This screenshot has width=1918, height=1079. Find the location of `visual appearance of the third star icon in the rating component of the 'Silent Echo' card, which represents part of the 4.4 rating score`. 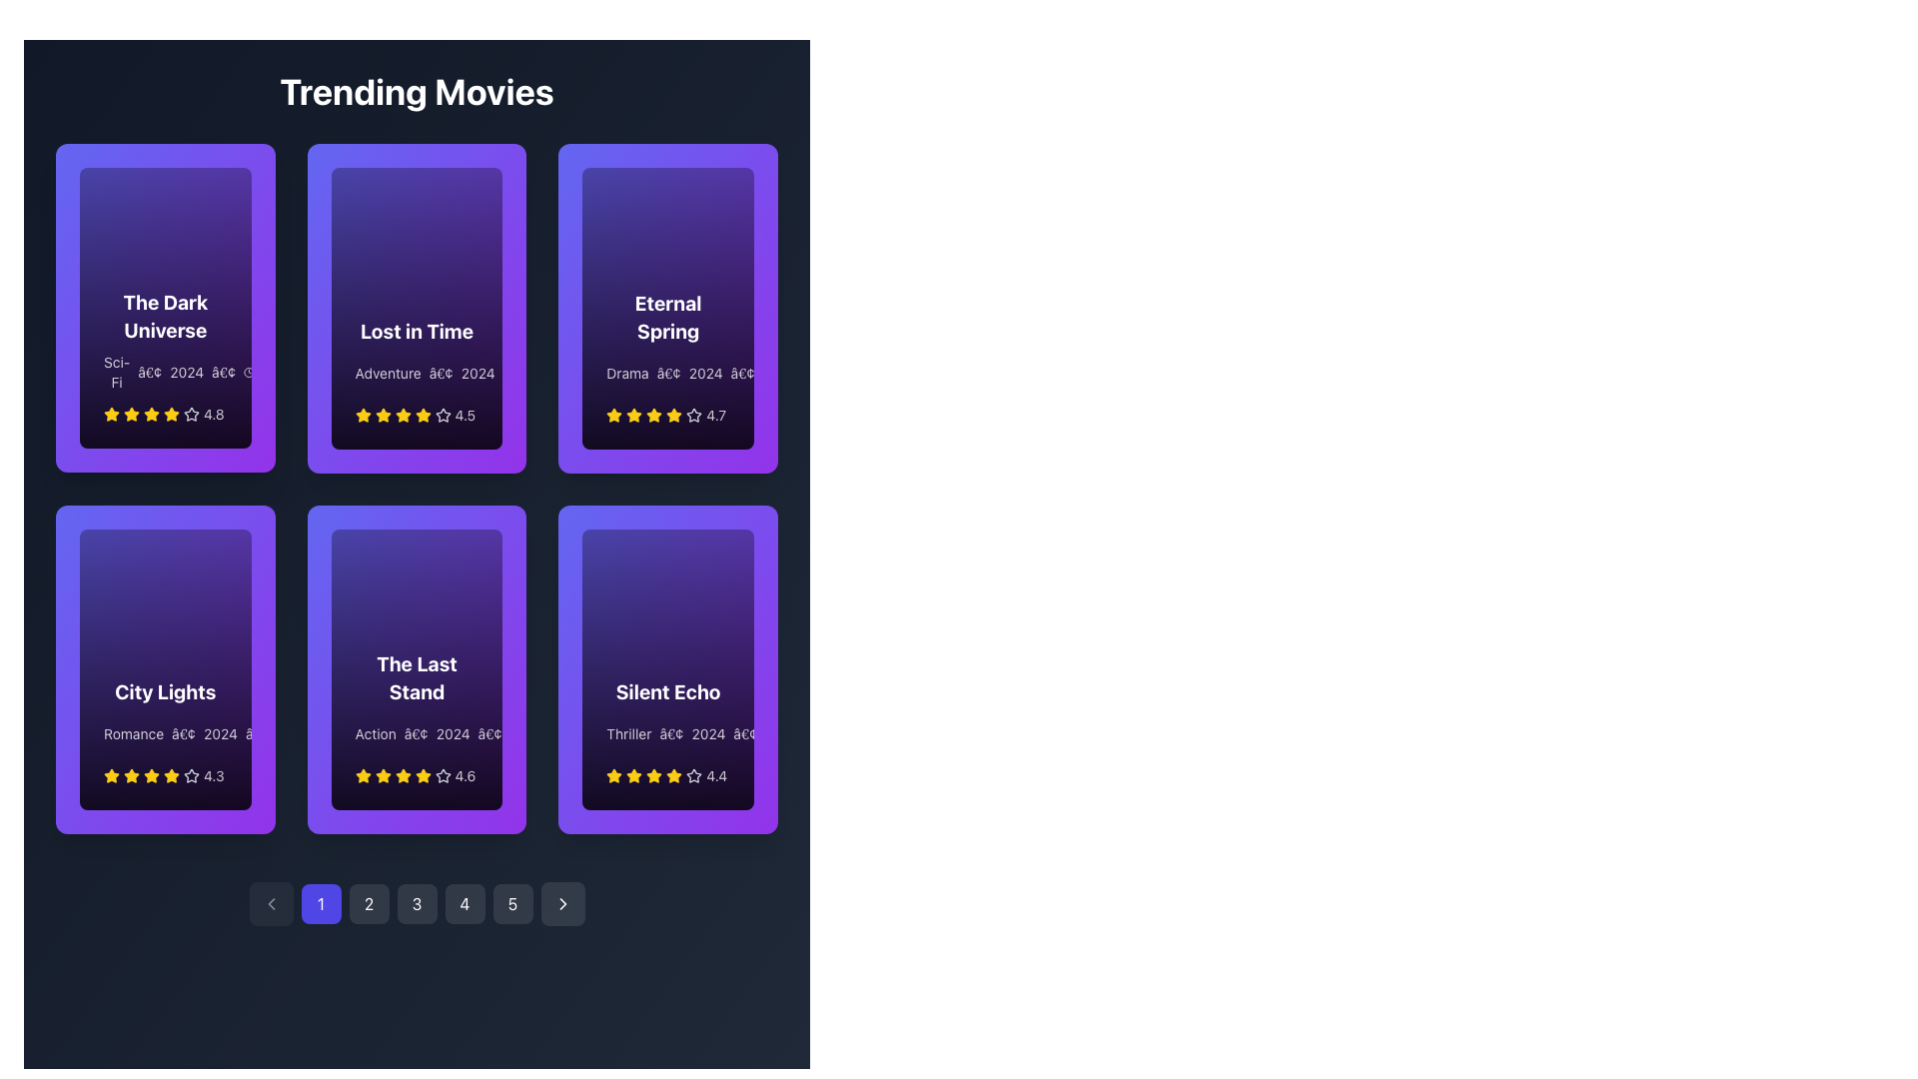

visual appearance of the third star icon in the rating component of the 'Silent Echo' card, which represents part of the 4.4 rating score is located at coordinates (633, 774).